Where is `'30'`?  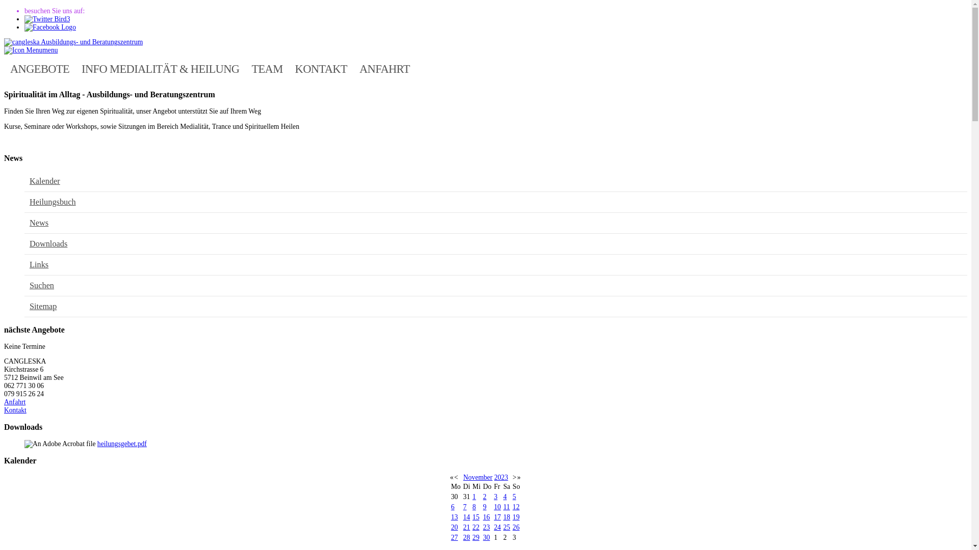 '30' is located at coordinates (486, 537).